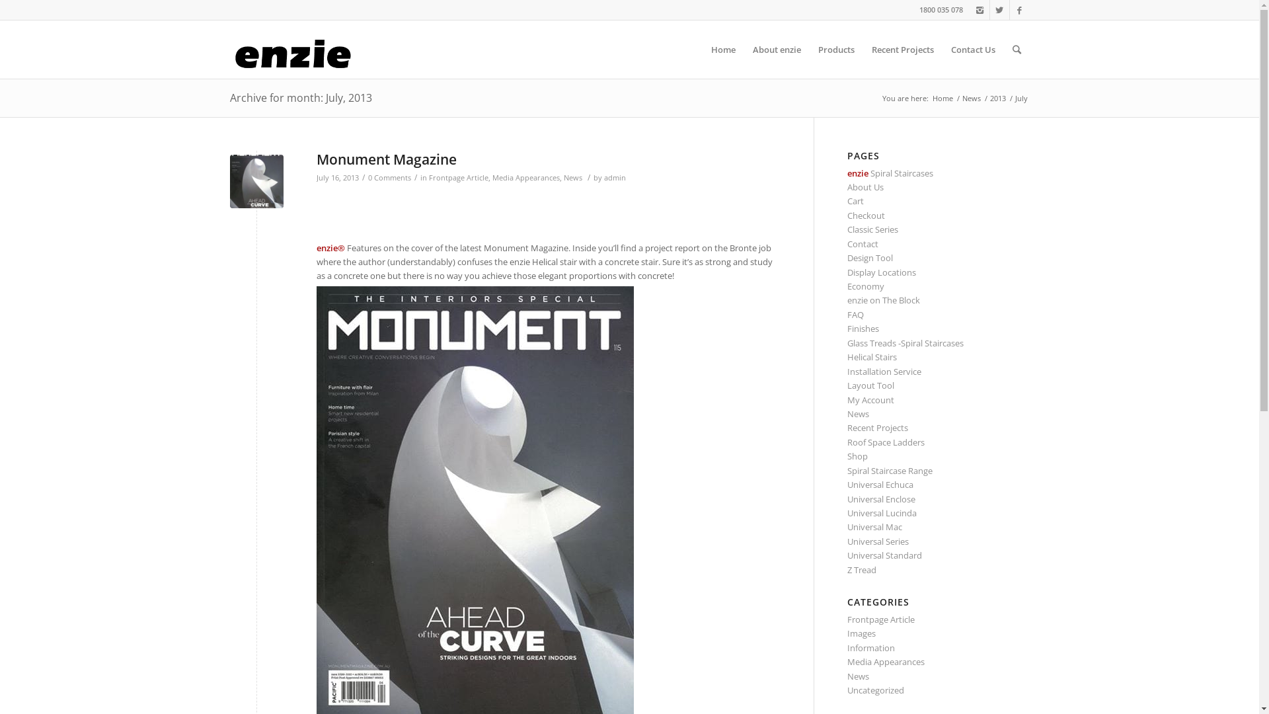  I want to click on 'Uncategorized', so click(875, 690).